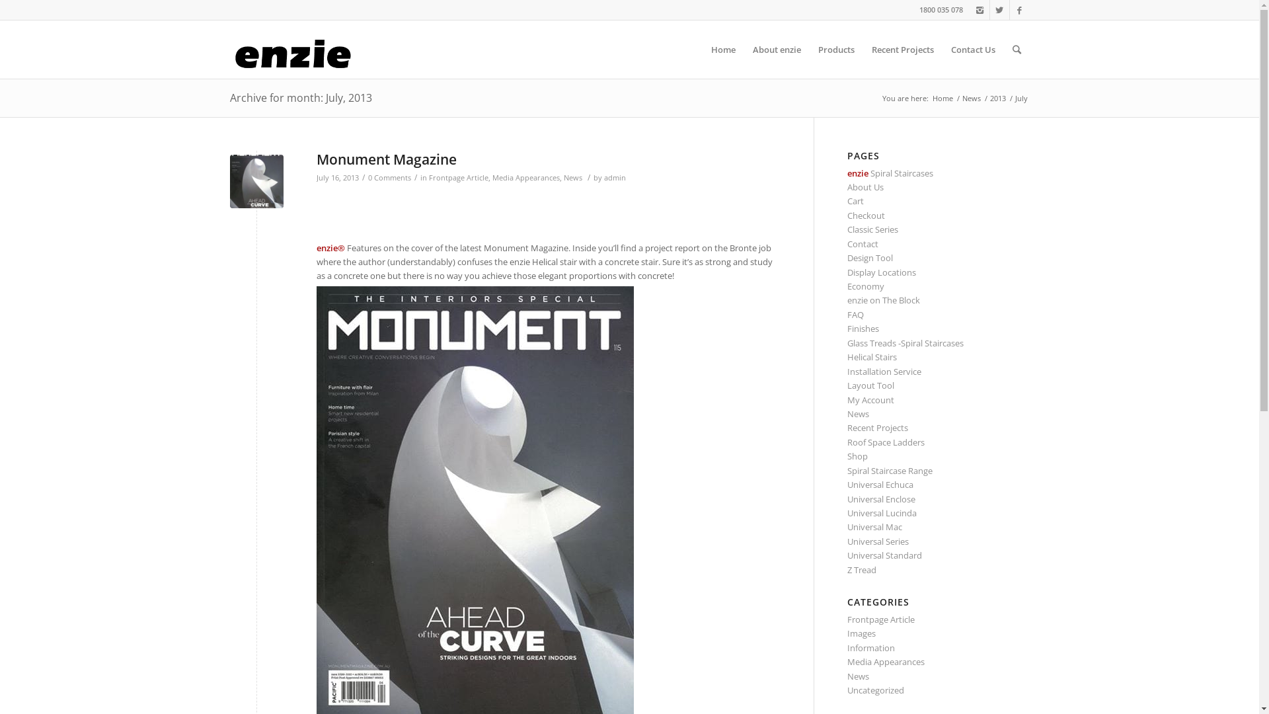  I want to click on 'Uncategorized', so click(875, 690).